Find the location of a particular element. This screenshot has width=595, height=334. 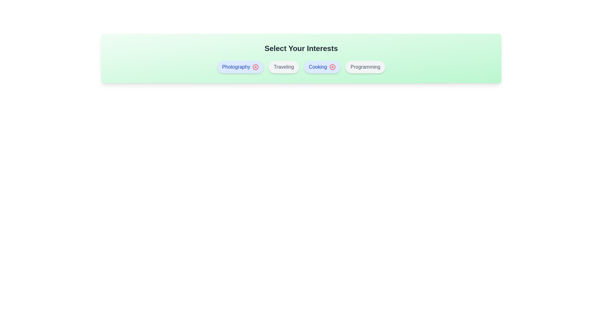

the interest Programming by clicking on its button is located at coordinates (365, 67).